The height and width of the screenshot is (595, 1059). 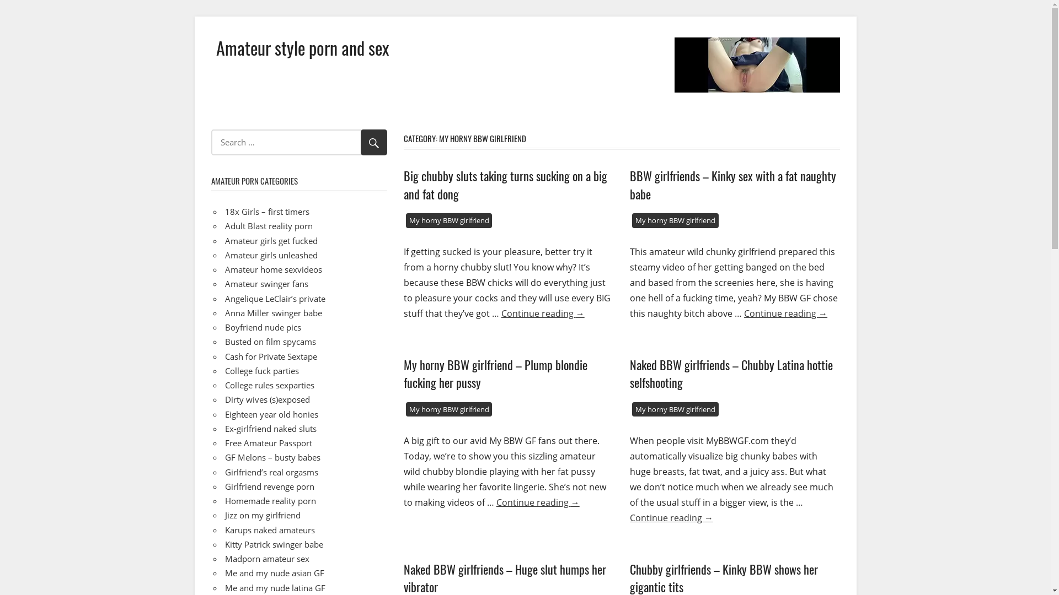 What do you see at coordinates (275, 586) in the screenshot?
I see `'Me and my nude latina GF'` at bounding box center [275, 586].